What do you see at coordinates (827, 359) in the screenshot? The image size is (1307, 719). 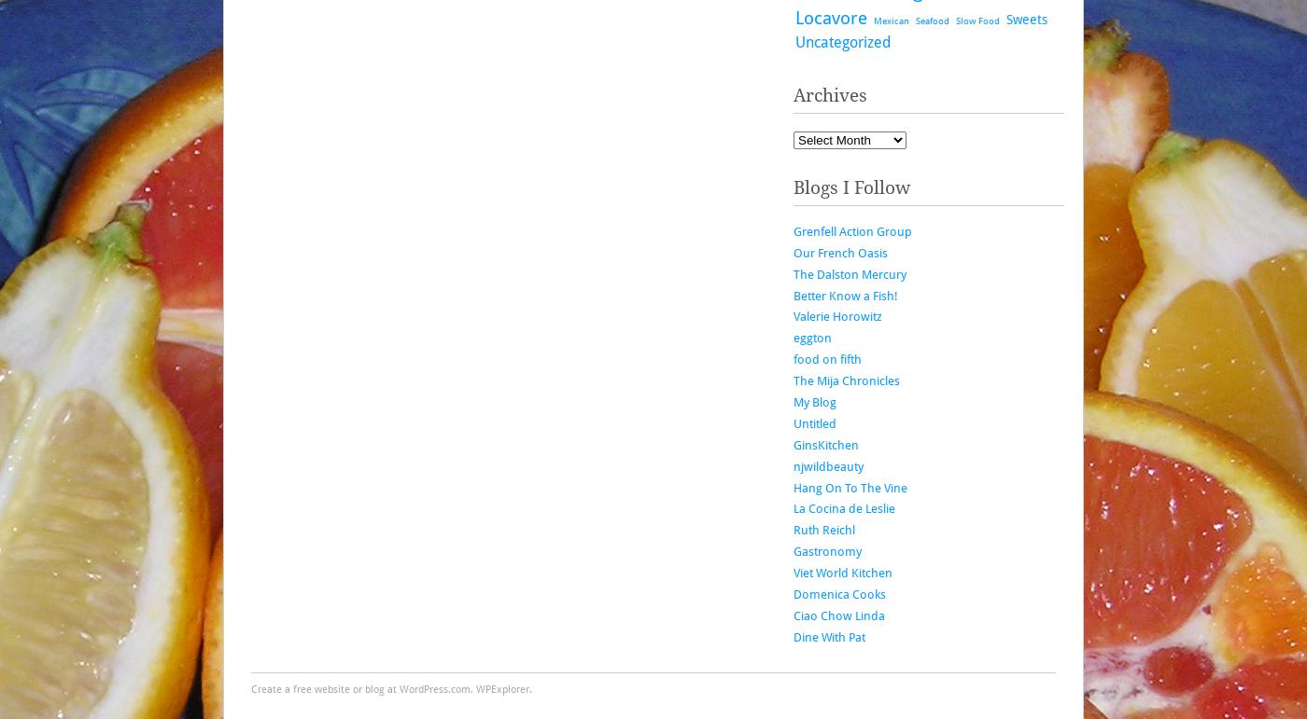 I see `'food on fifth'` at bounding box center [827, 359].